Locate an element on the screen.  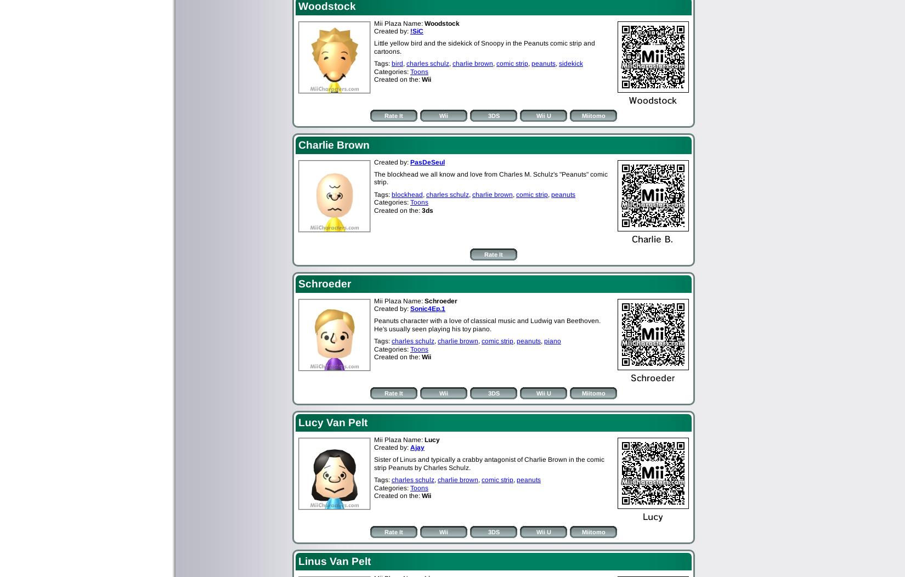
'Sonic4Ep.1' is located at coordinates (427, 308).